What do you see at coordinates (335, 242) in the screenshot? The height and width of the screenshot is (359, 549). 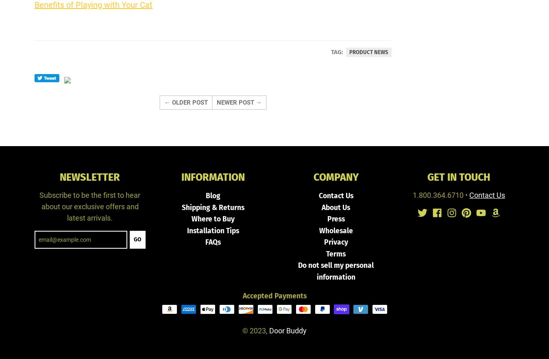 I see `'Privacy'` at bounding box center [335, 242].